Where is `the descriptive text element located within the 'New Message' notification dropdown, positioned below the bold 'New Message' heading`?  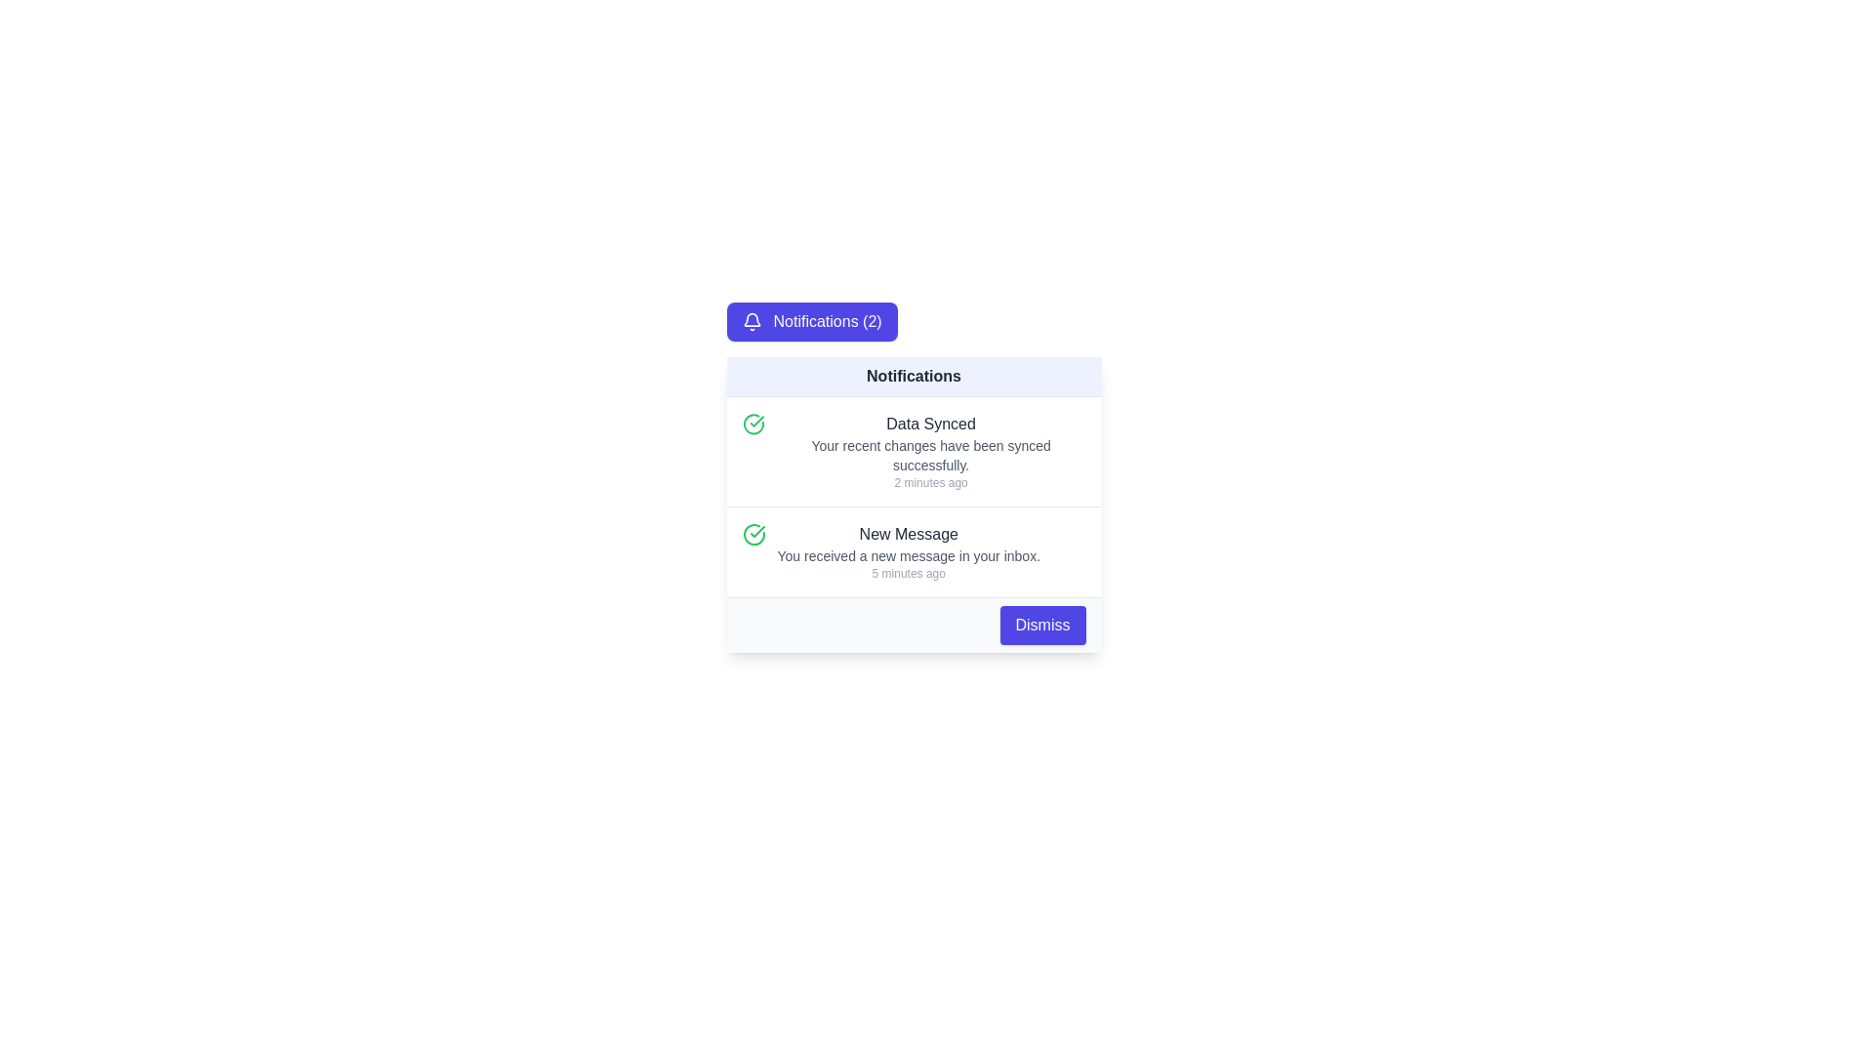
the descriptive text element located within the 'New Message' notification dropdown, positioned below the bold 'New Message' heading is located at coordinates (908, 556).